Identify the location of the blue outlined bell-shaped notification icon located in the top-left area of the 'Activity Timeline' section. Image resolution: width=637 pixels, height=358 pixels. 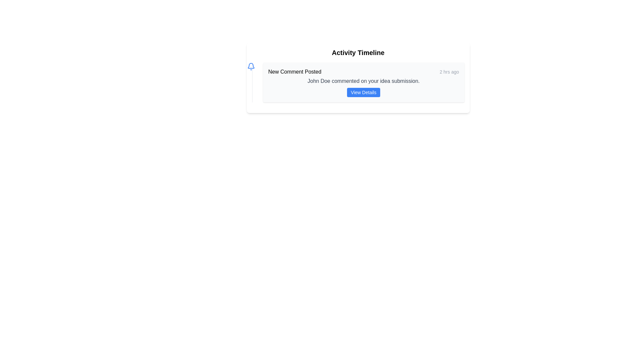
(250, 66).